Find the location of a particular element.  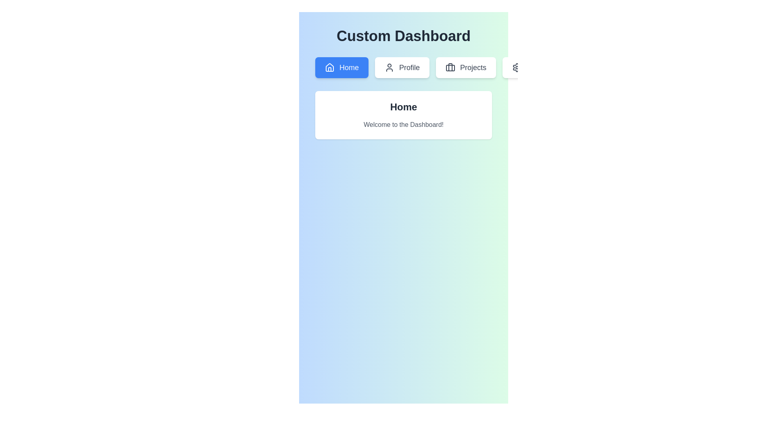

the 'Profile' icon located in the navigation bar is located at coordinates (389, 67).